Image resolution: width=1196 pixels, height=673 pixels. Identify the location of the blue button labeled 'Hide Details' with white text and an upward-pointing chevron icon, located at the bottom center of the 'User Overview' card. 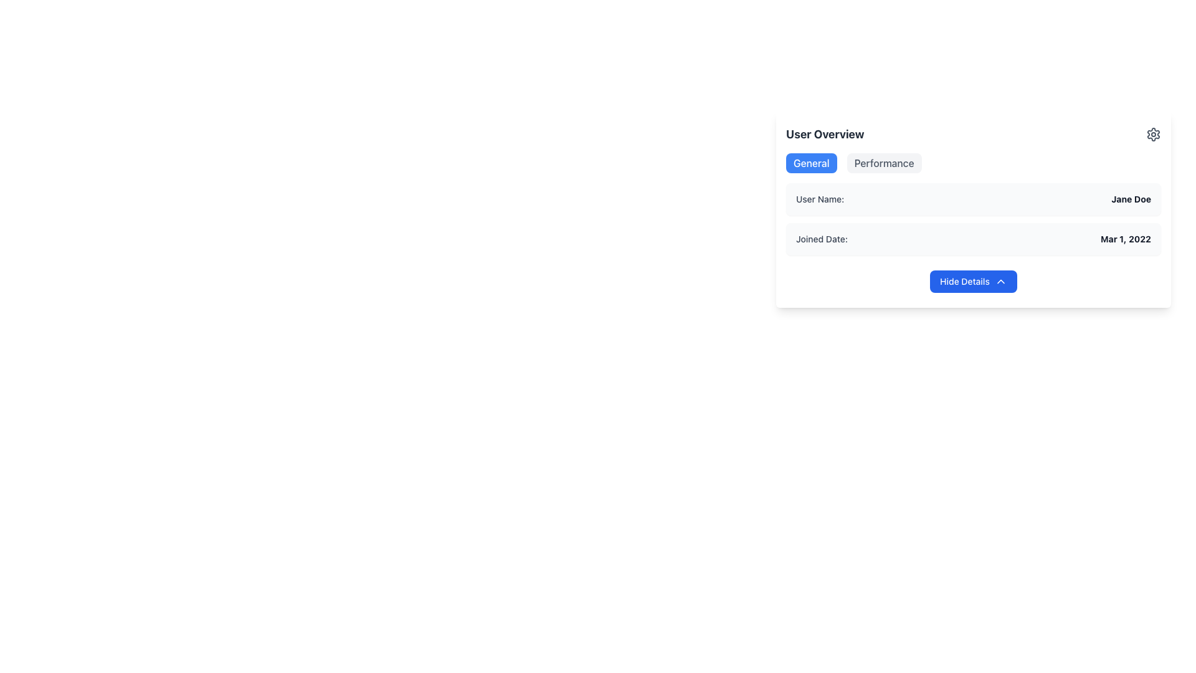
(973, 281).